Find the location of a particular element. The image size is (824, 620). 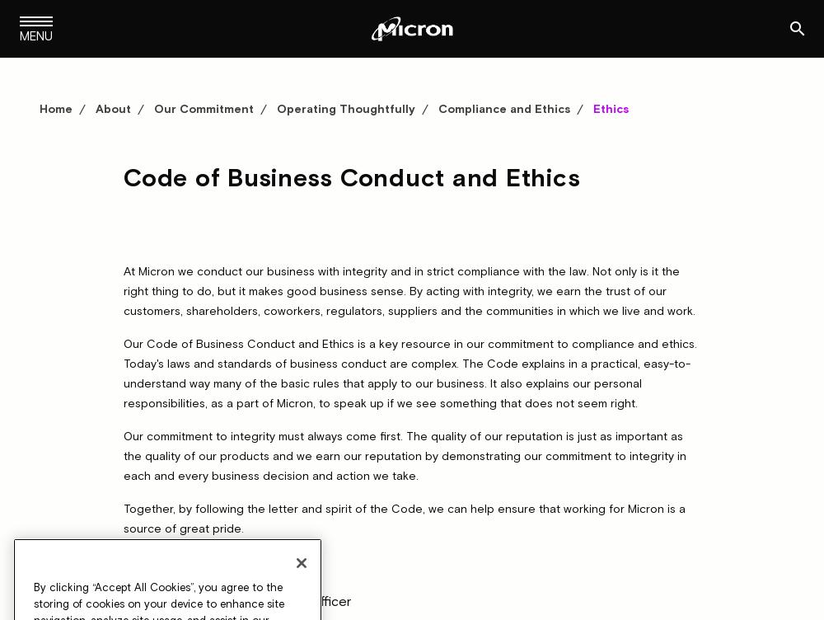

'Menu' is located at coordinates (36, 35).